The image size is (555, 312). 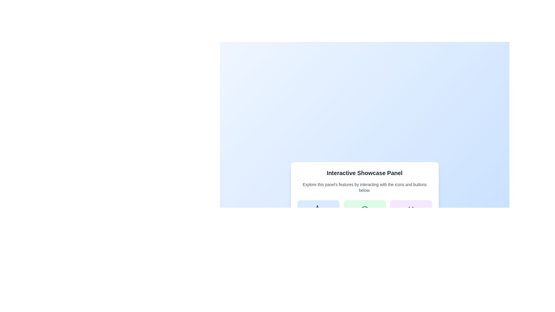 What do you see at coordinates (318, 213) in the screenshot?
I see `the interactive card in the first column on the left` at bounding box center [318, 213].